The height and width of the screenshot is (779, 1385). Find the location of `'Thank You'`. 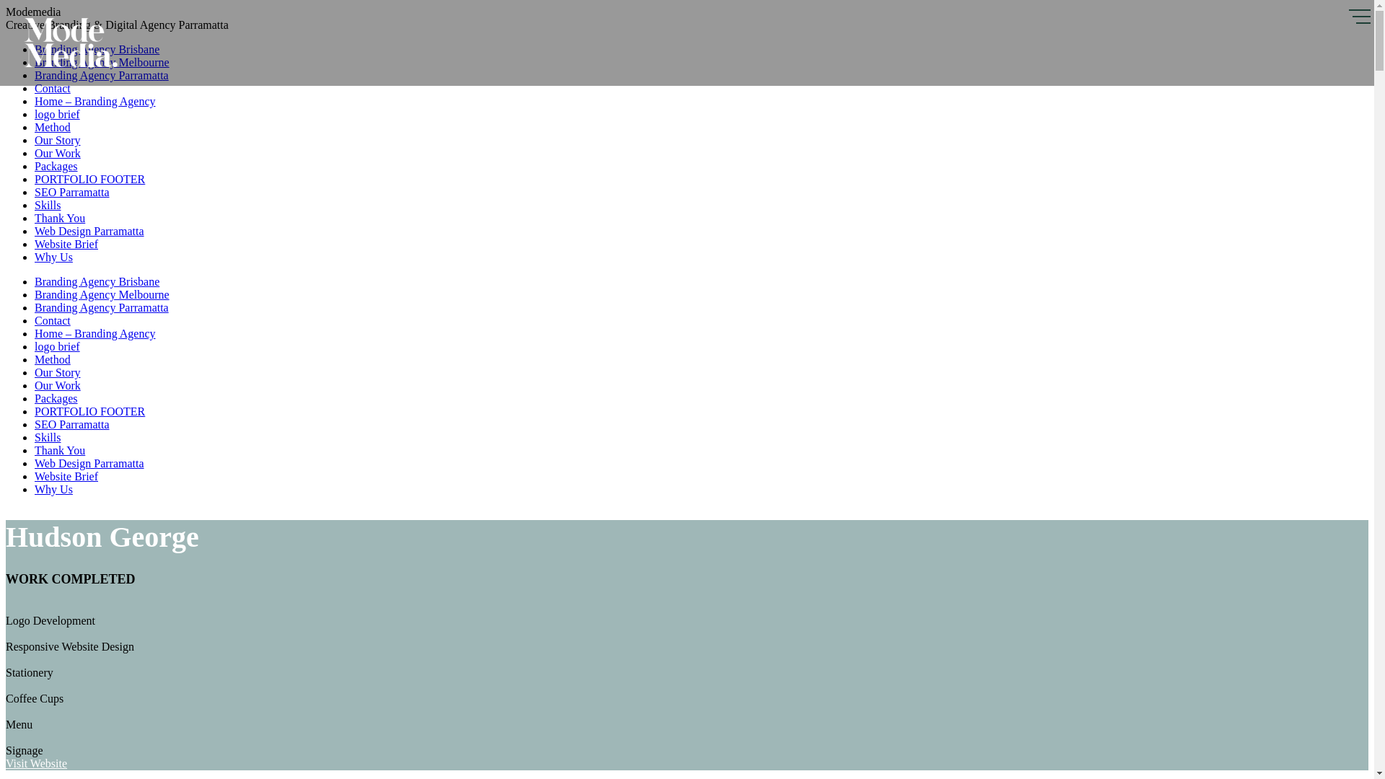

'Thank You' is located at coordinates (58, 449).